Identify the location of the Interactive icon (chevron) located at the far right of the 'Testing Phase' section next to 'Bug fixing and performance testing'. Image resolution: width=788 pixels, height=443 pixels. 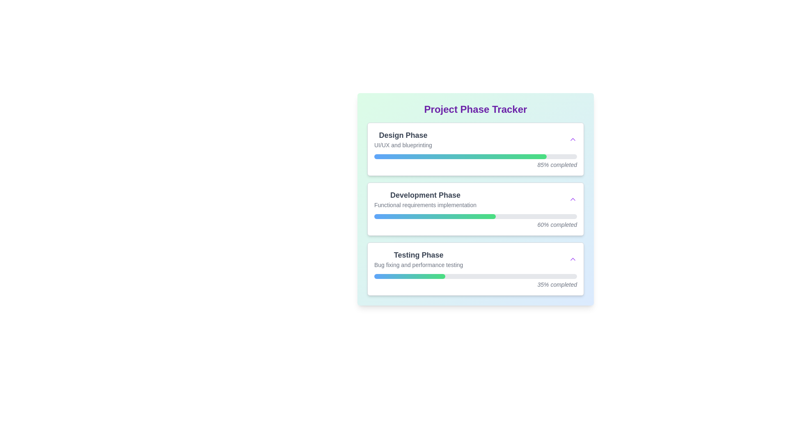
(573, 259).